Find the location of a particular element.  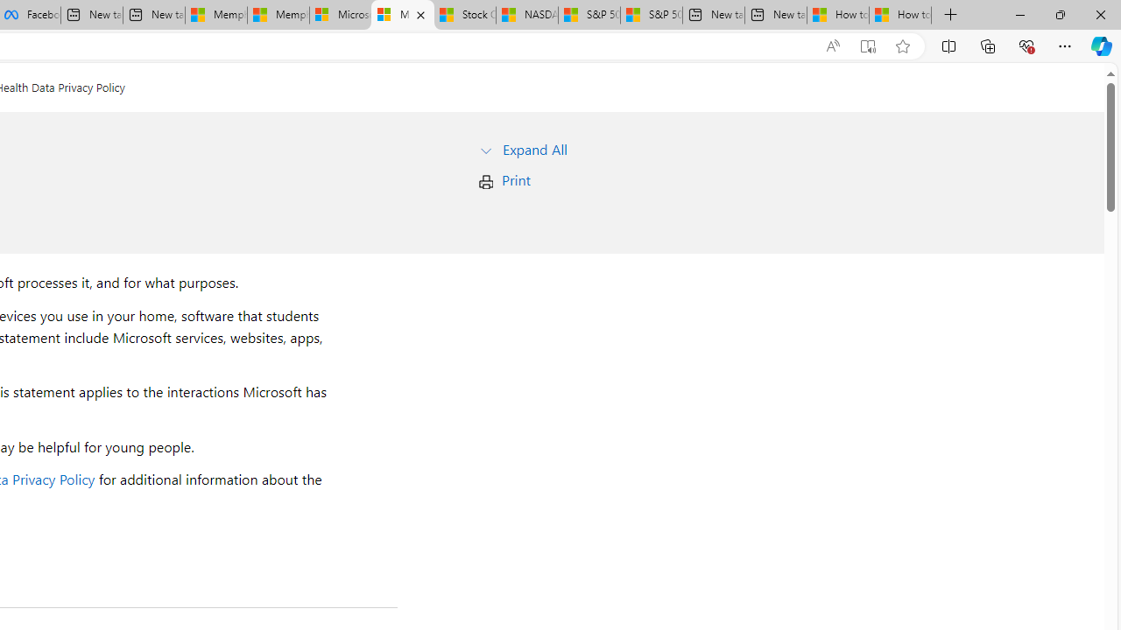

'Enter Immersive Reader (F9)' is located at coordinates (868, 45).